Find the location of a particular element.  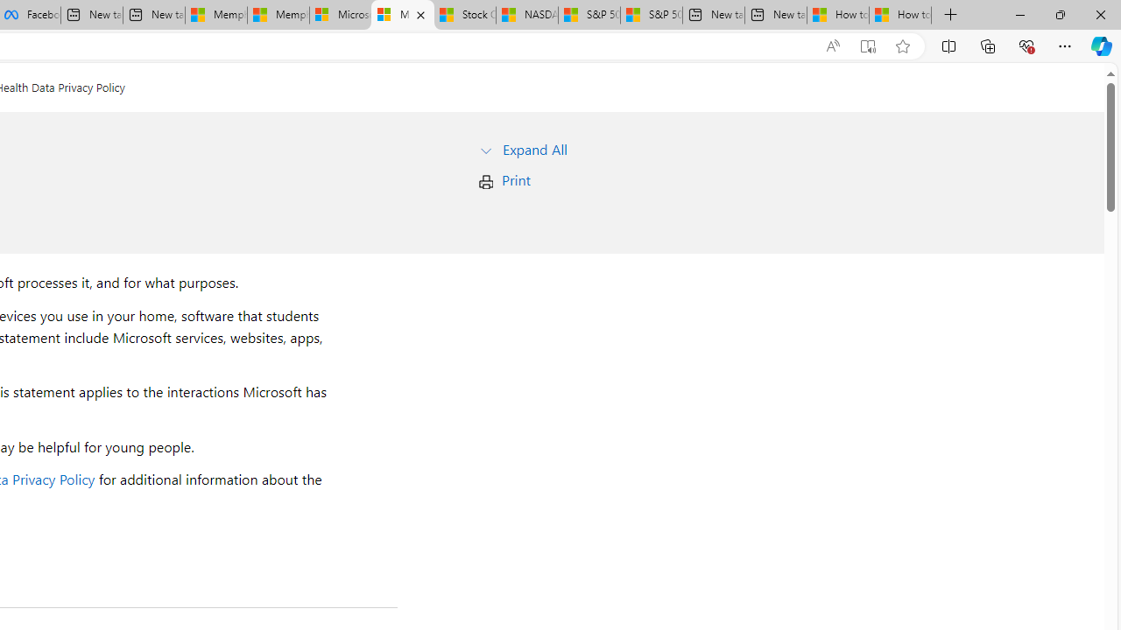

'Enter Immersive Reader (F9)' is located at coordinates (868, 45).